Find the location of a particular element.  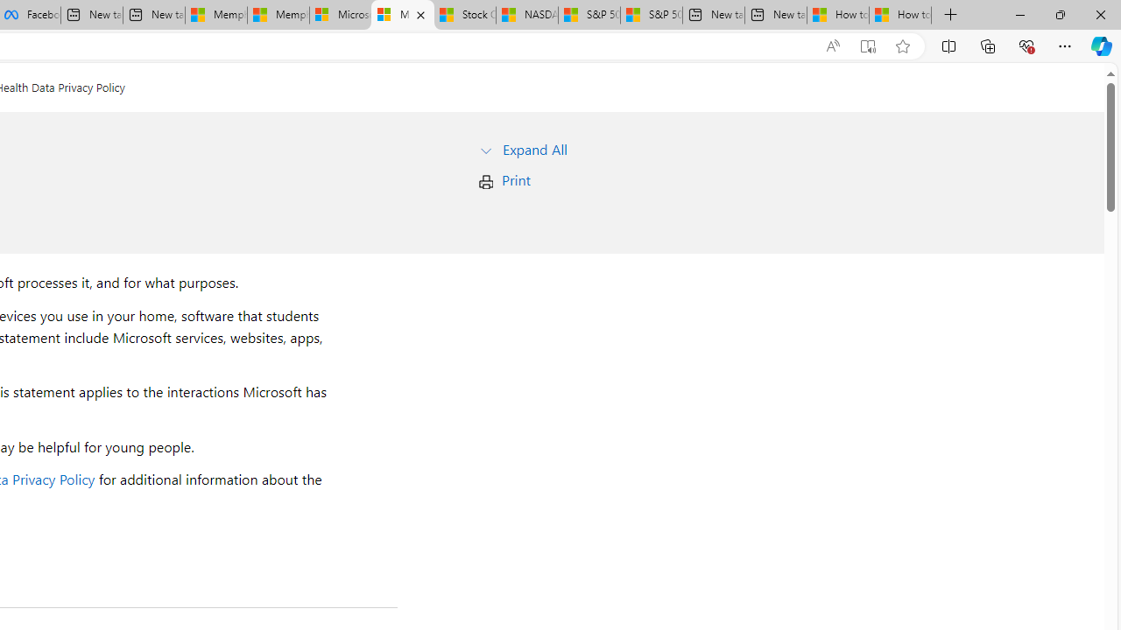

'Enter Immersive Reader (F9)' is located at coordinates (868, 45).